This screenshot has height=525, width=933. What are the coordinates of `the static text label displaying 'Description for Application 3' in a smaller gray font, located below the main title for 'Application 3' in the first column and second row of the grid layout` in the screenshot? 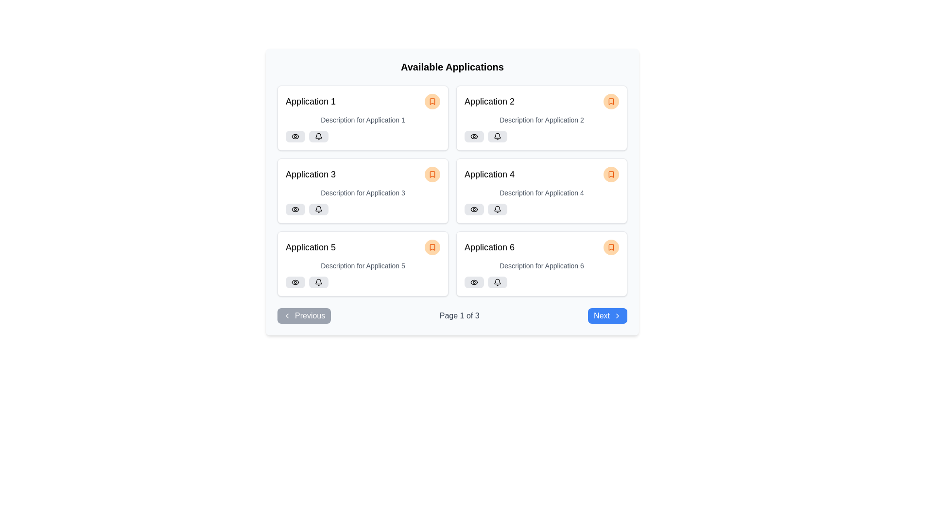 It's located at (363, 193).